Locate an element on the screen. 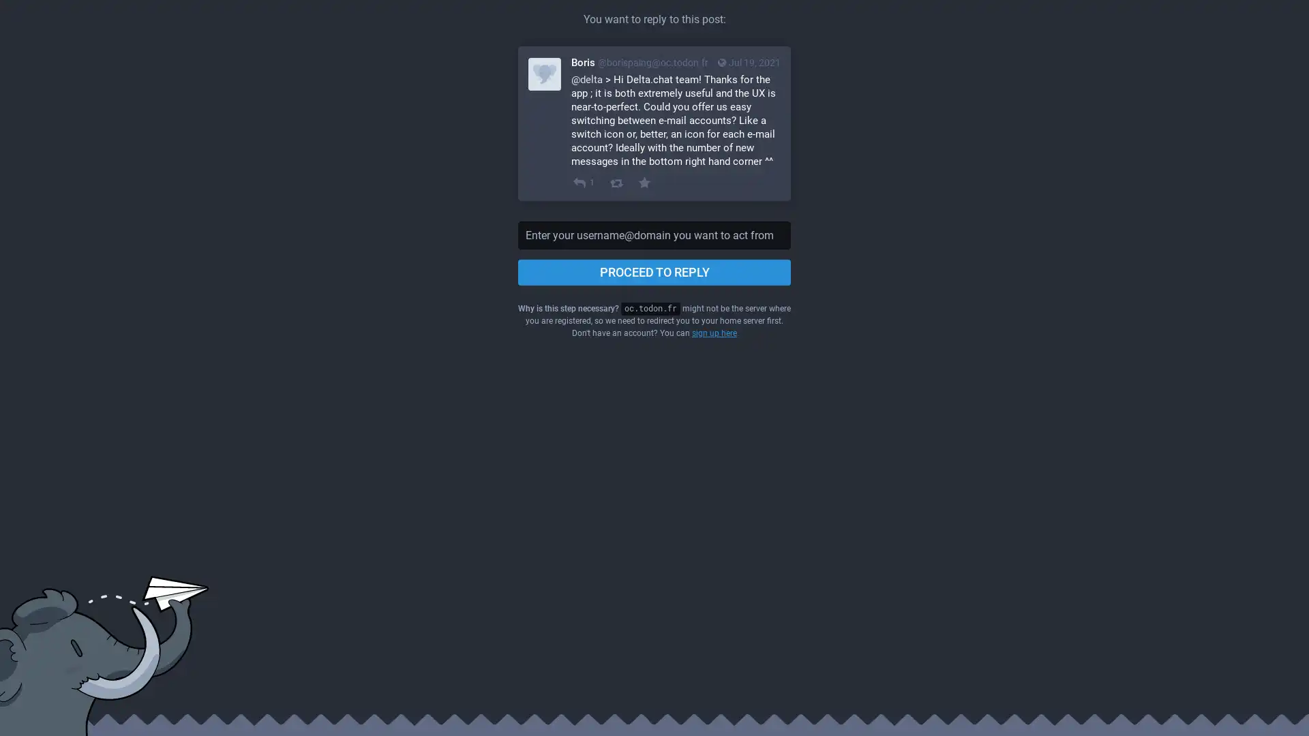  PROCEED TO REPLY is located at coordinates (654, 273).